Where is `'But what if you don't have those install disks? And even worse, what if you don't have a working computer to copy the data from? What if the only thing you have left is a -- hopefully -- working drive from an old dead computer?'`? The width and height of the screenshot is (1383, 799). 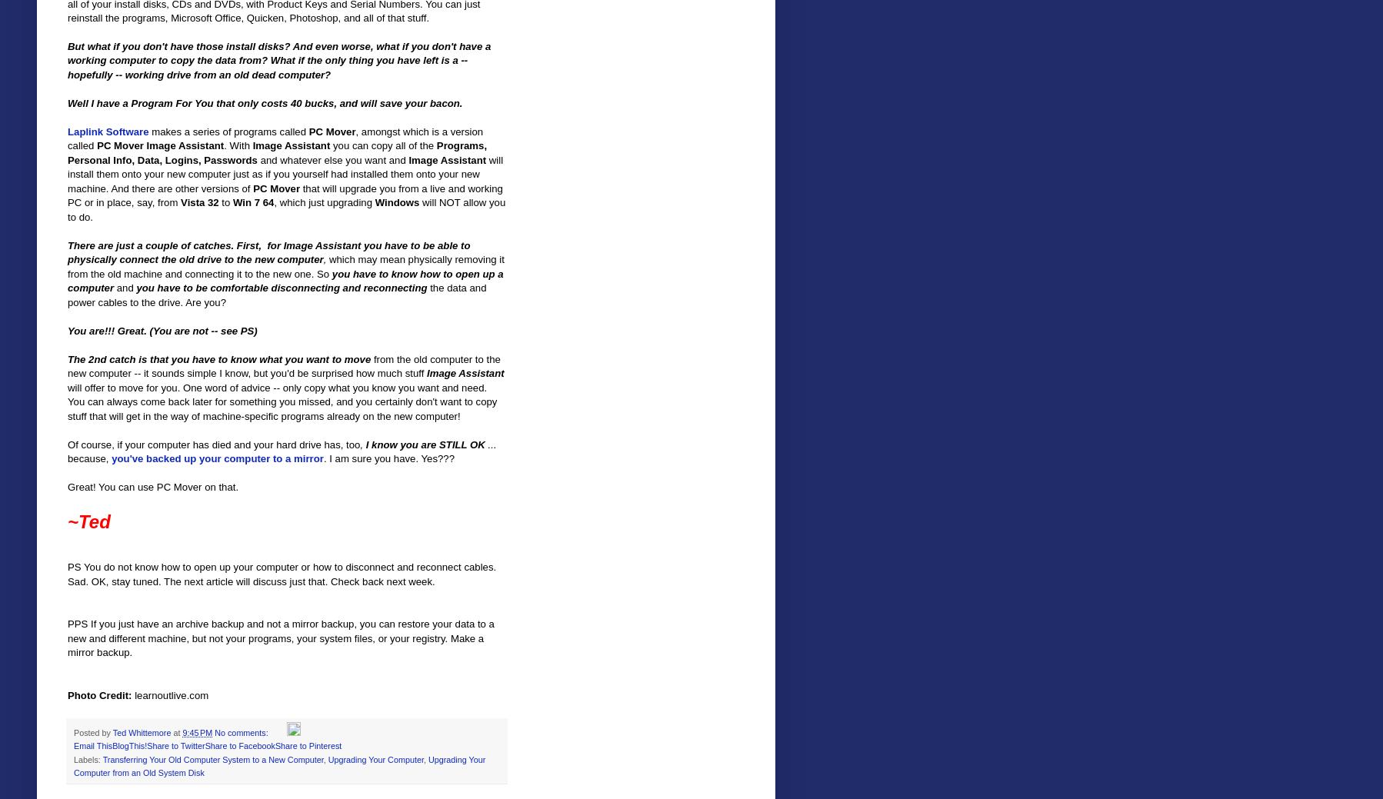 'But what if you don't have those install disks? And even worse, what if you don't have a working computer to copy the data from? What if the only thing you have left is a -- hopefully -- working drive from an old dead computer?' is located at coordinates (278, 59).